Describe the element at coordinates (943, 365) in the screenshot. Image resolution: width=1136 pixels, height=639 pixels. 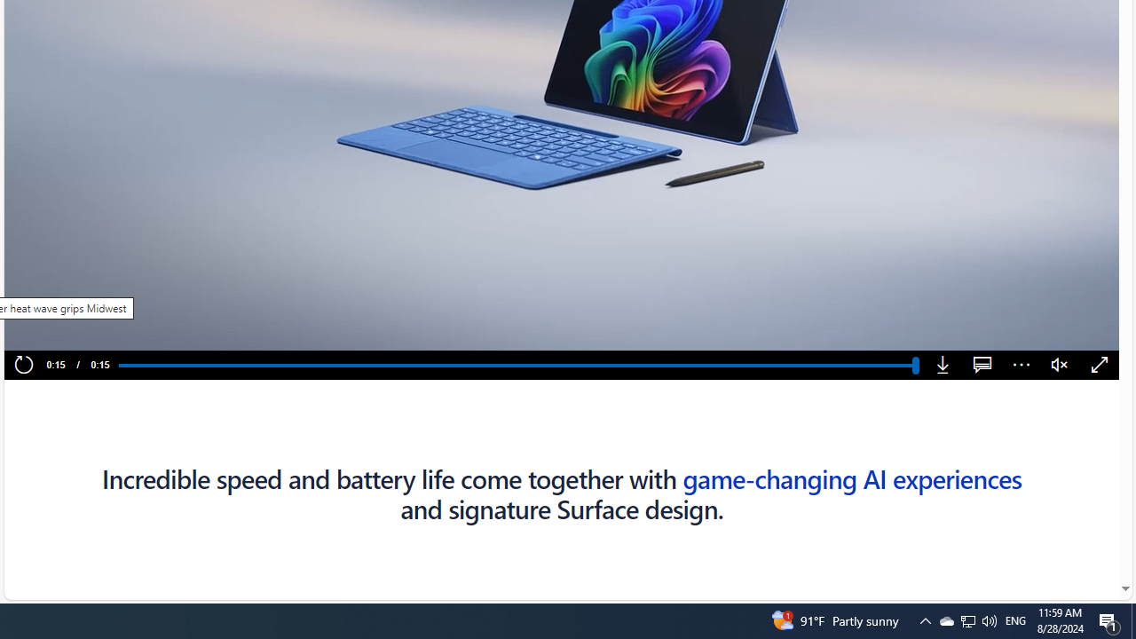
I see `'Download'` at that location.